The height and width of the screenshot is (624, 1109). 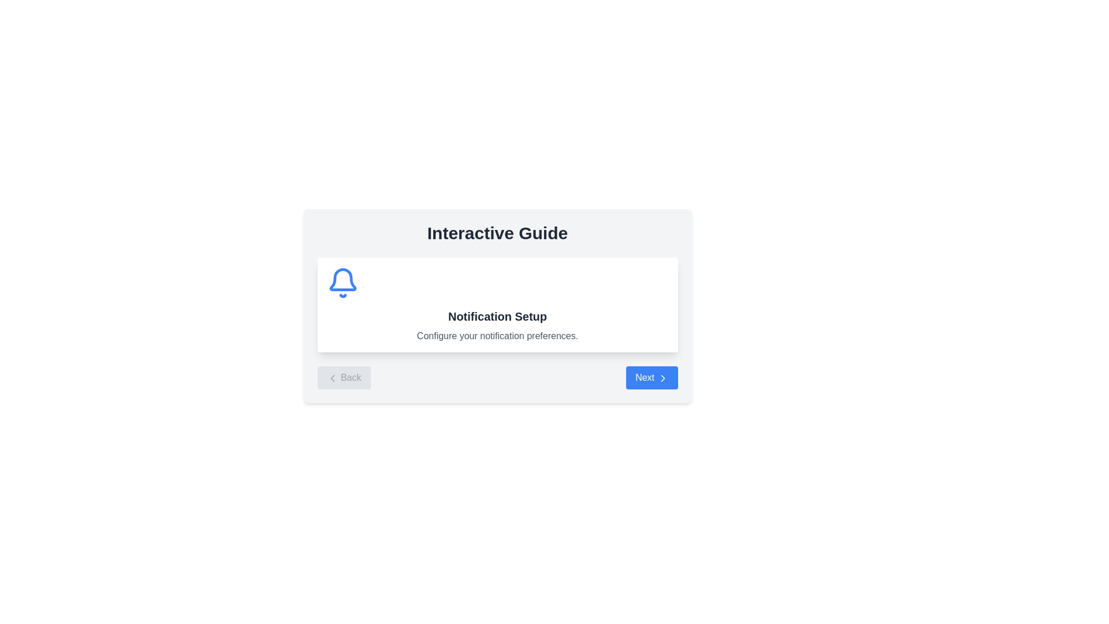 What do you see at coordinates (663, 378) in the screenshot?
I see `the rightward arrow icon located inside the blue 'Next' button for visual feedback` at bounding box center [663, 378].